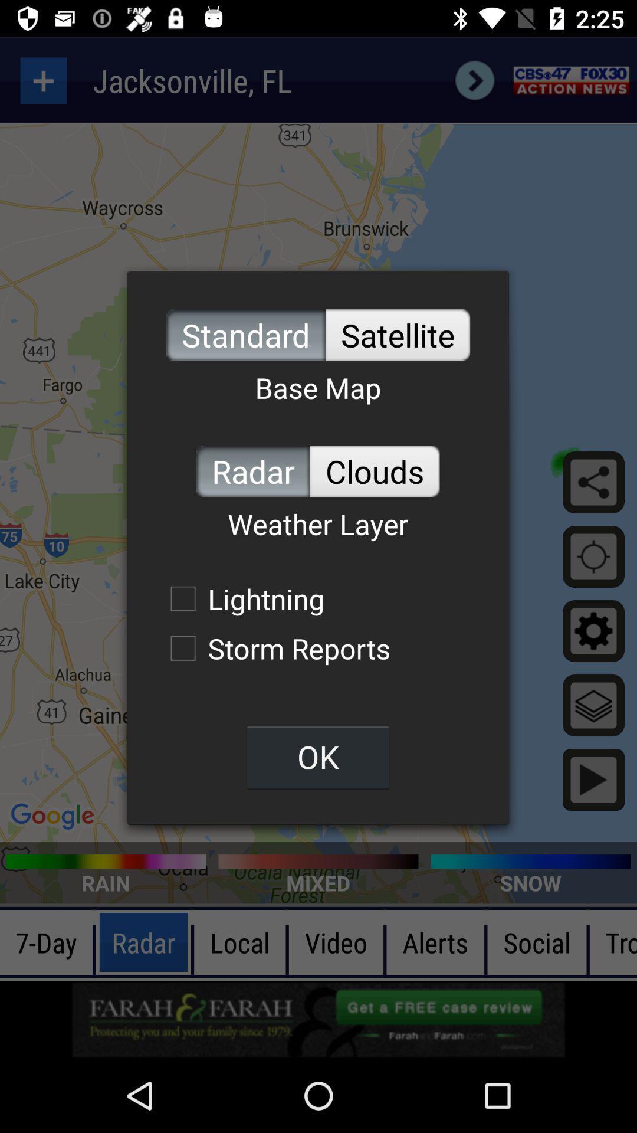 Image resolution: width=637 pixels, height=1133 pixels. Describe the element at coordinates (398, 334) in the screenshot. I see `item to the right of the standard` at that location.